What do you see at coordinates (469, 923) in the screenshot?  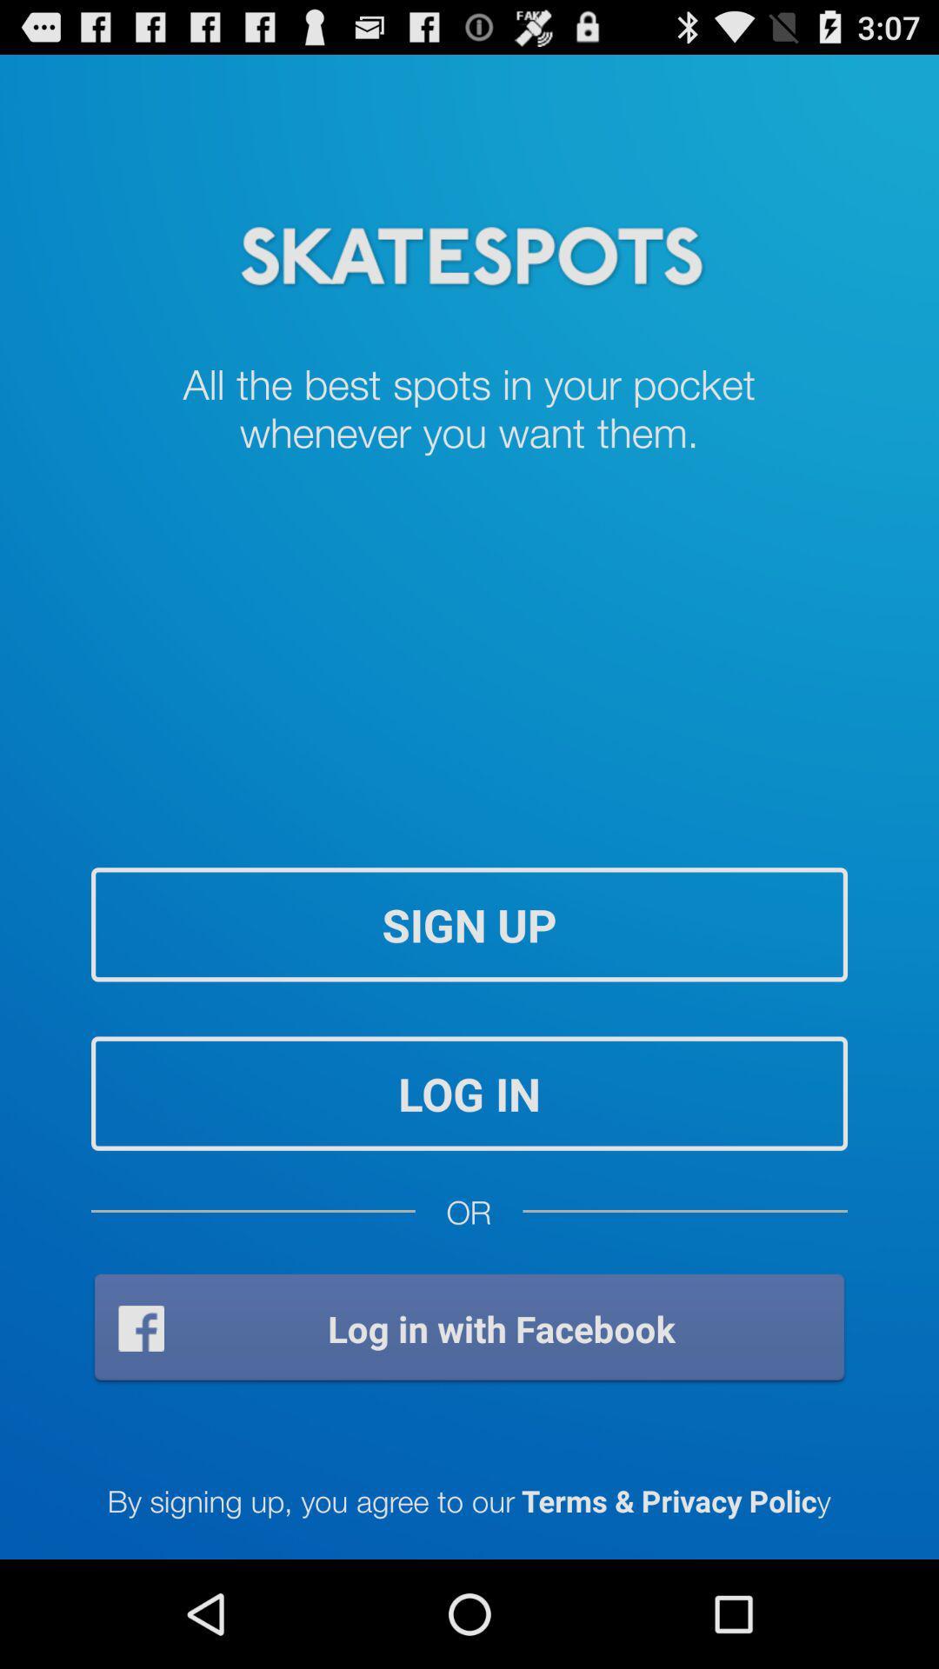 I see `the sign up icon` at bounding box center [469, 923].